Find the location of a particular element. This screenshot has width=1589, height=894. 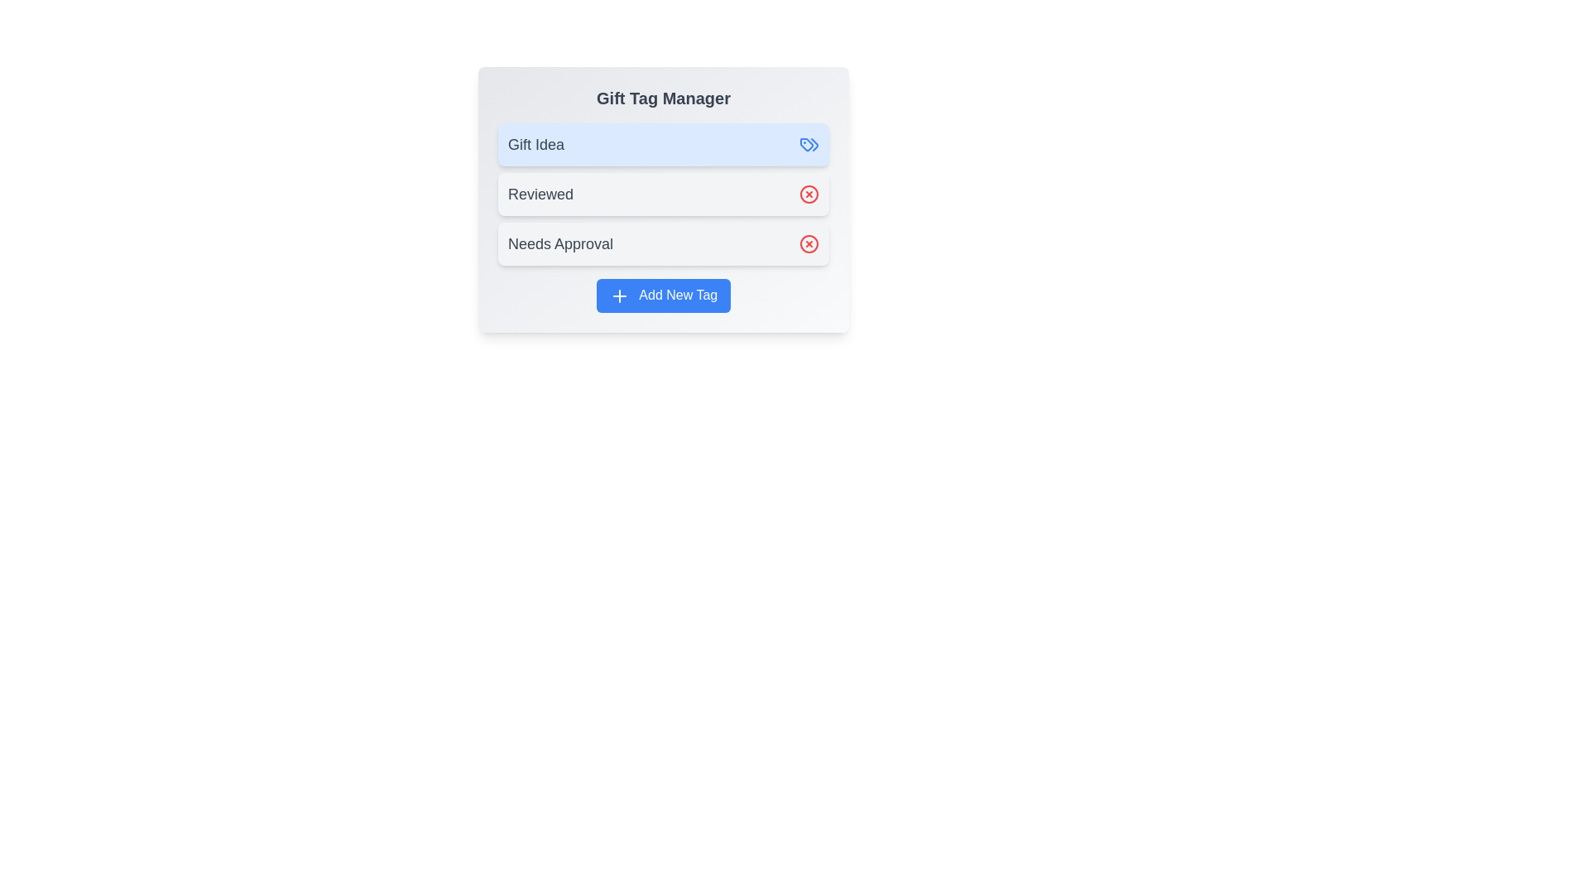

the tag labeled Gift Idea is located at coordinates (663, 143).